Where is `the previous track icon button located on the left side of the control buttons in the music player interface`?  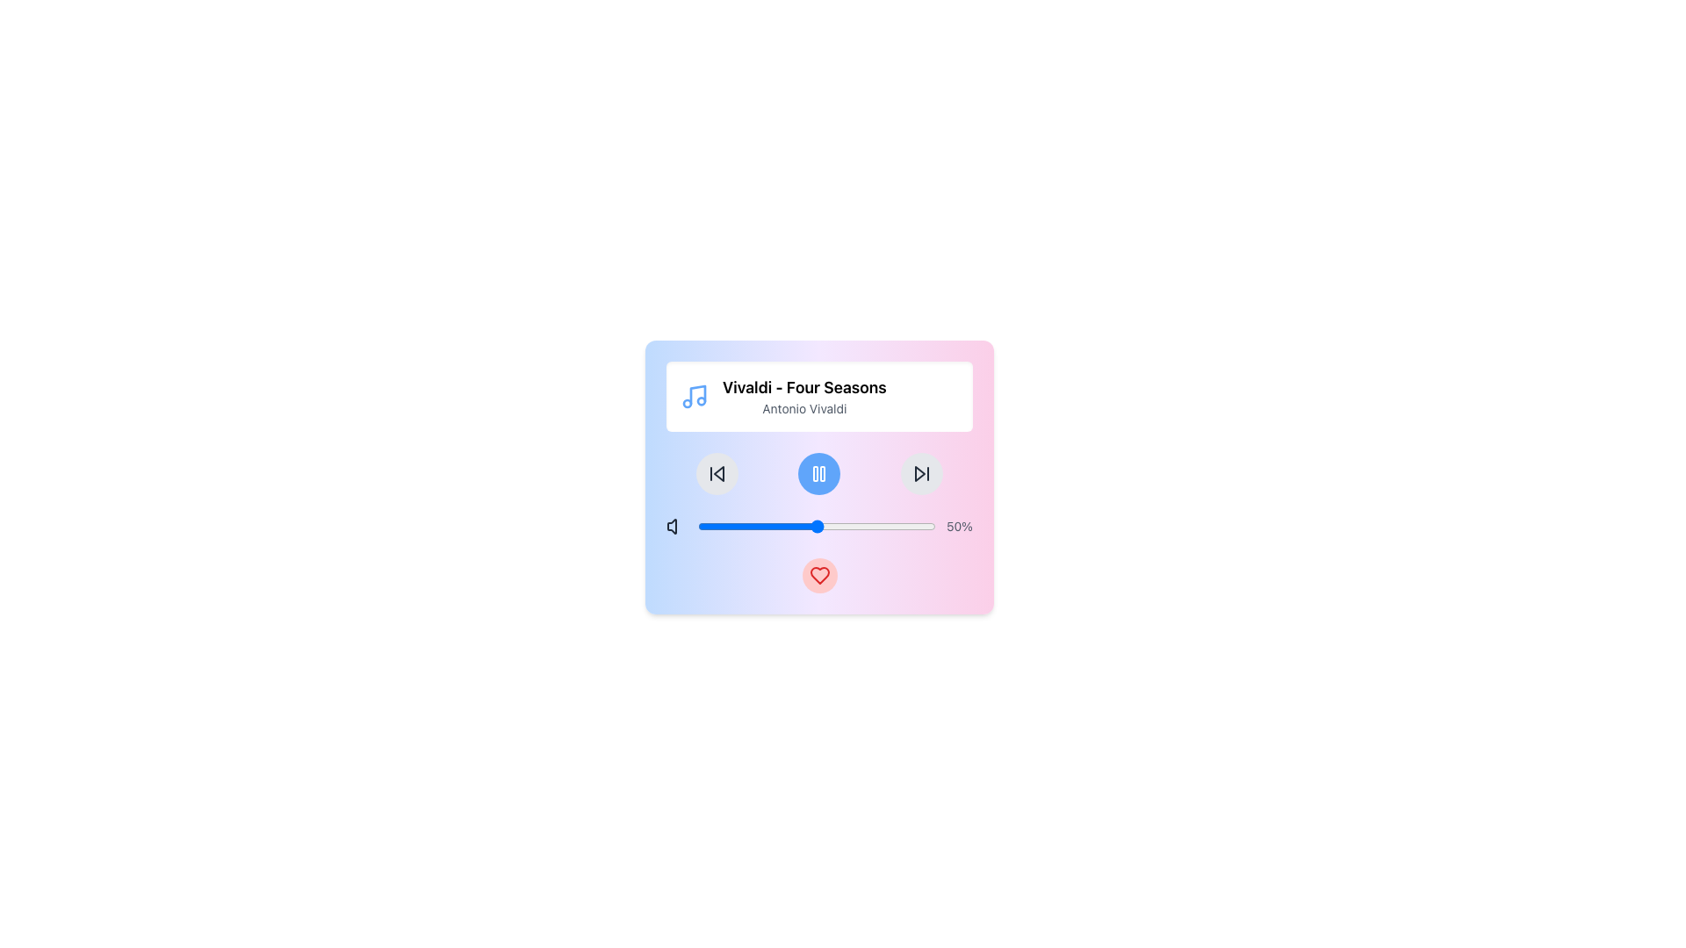
the previous track icon button located on the left side of the control buttons in the music player interface is located at coordinates (717, 474).